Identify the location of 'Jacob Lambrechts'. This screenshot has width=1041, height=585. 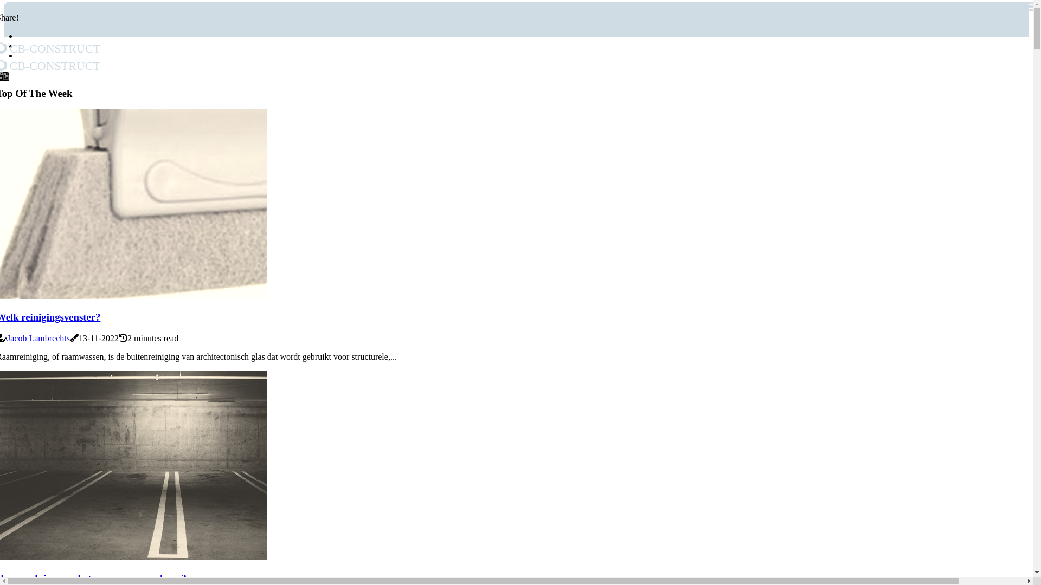
(38, 337).